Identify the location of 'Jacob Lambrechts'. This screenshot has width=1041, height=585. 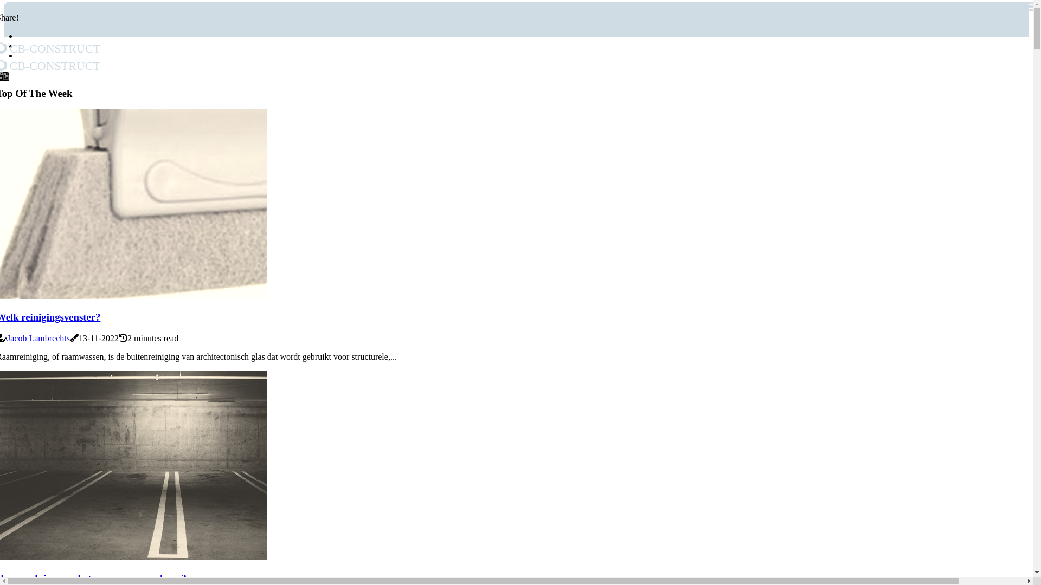
(38, 337).